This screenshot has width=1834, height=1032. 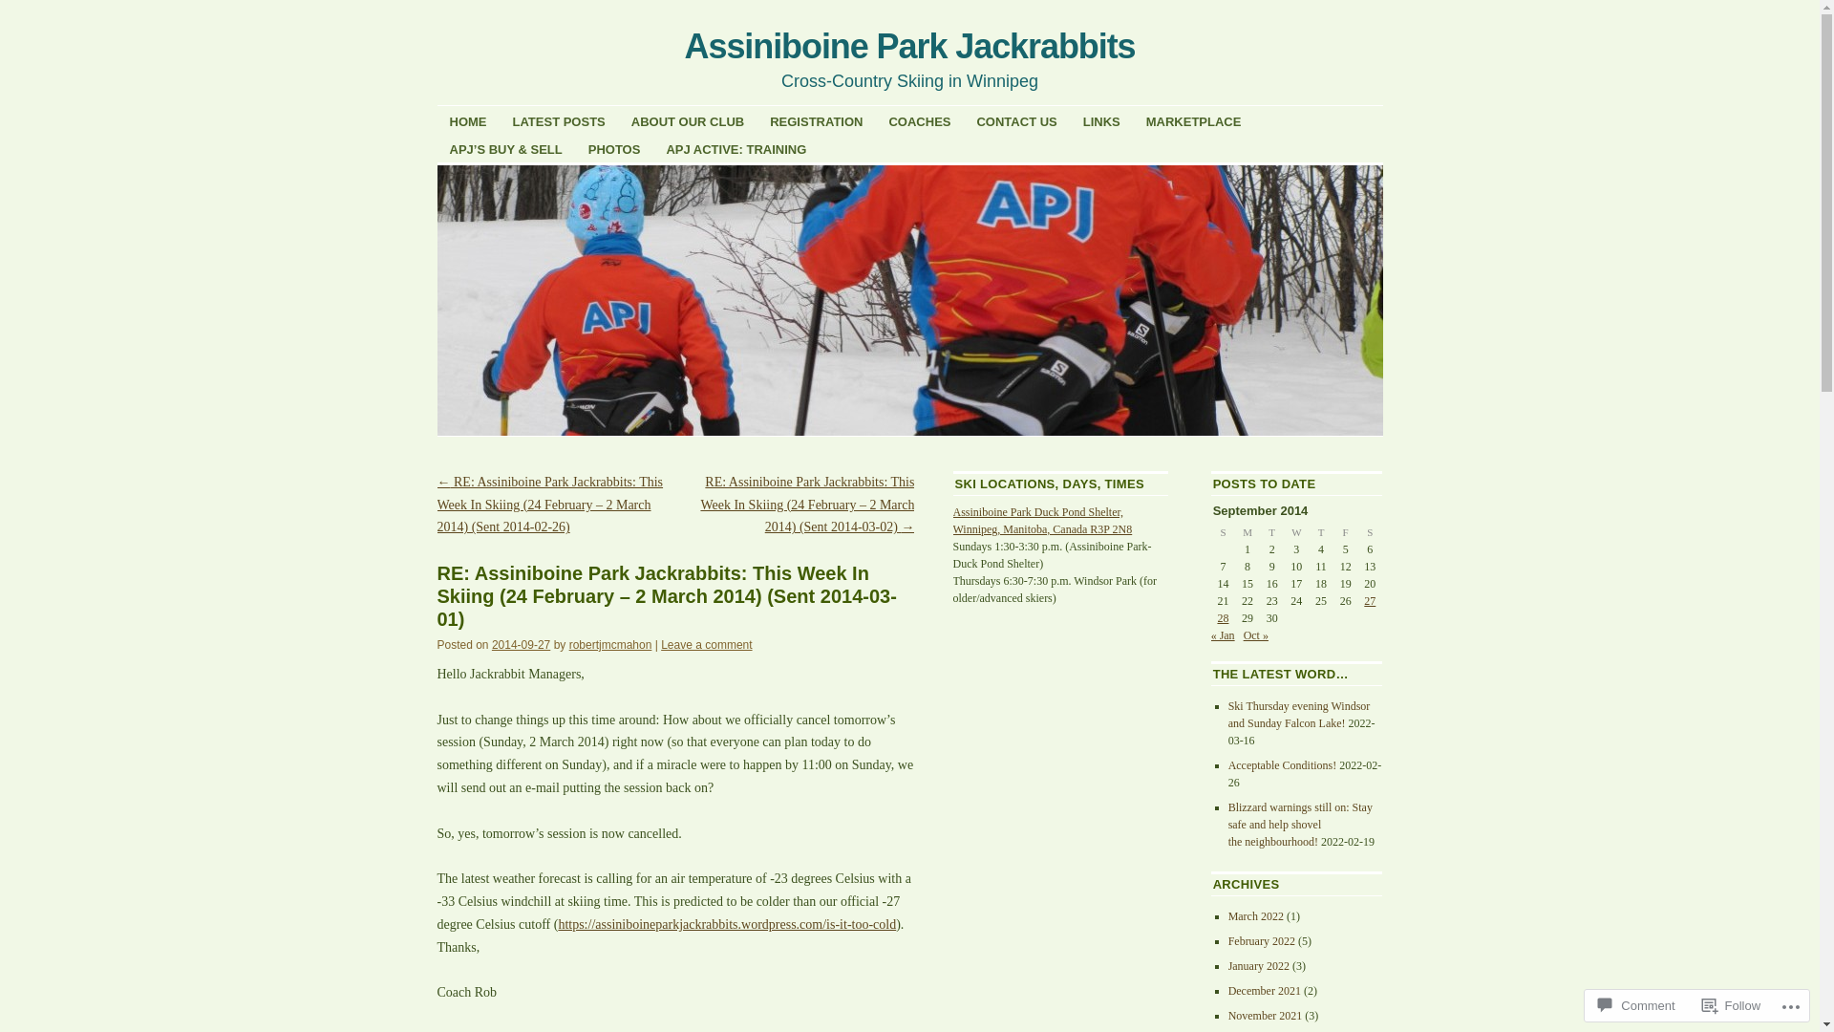 What do you see at coordinates (1635, 1004) in the screenshot?
I see `'Comment'` at bounding box center [1635, 1004].